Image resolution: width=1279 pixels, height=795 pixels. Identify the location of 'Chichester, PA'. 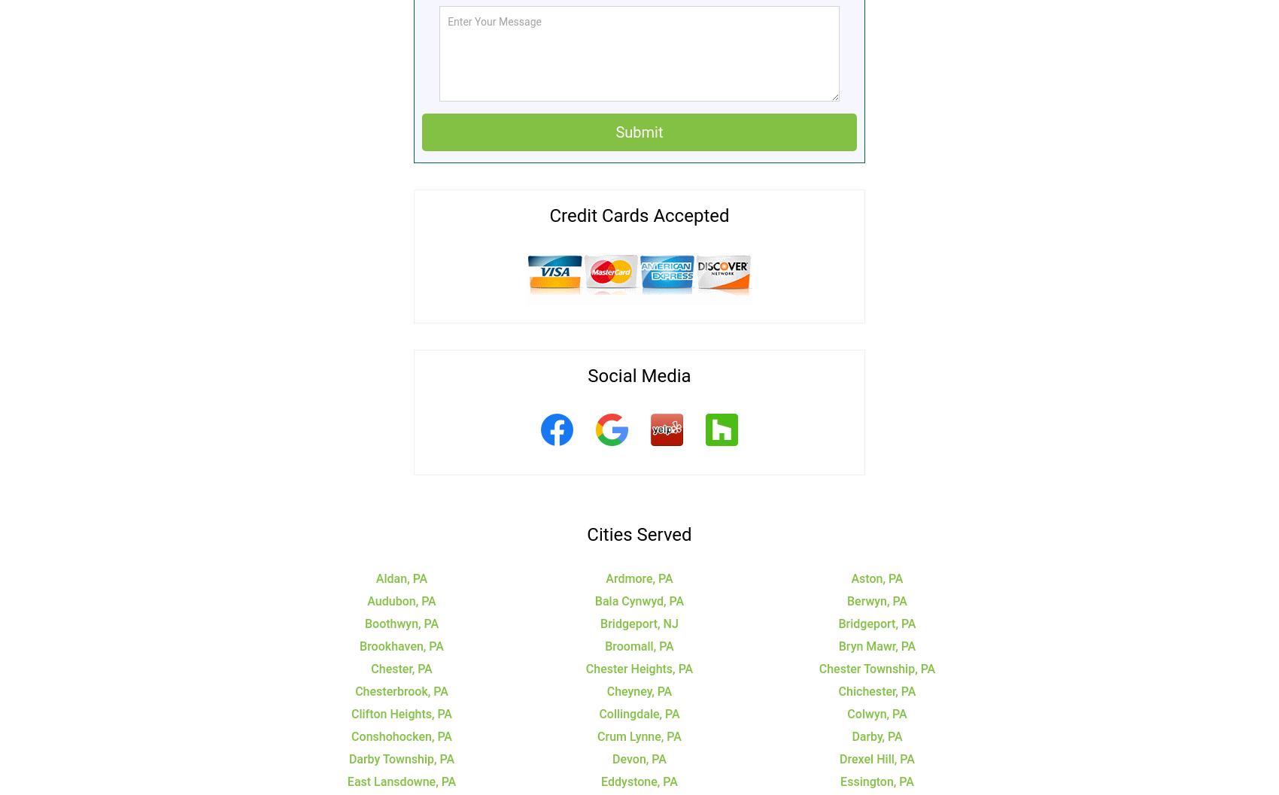
(876, 690).